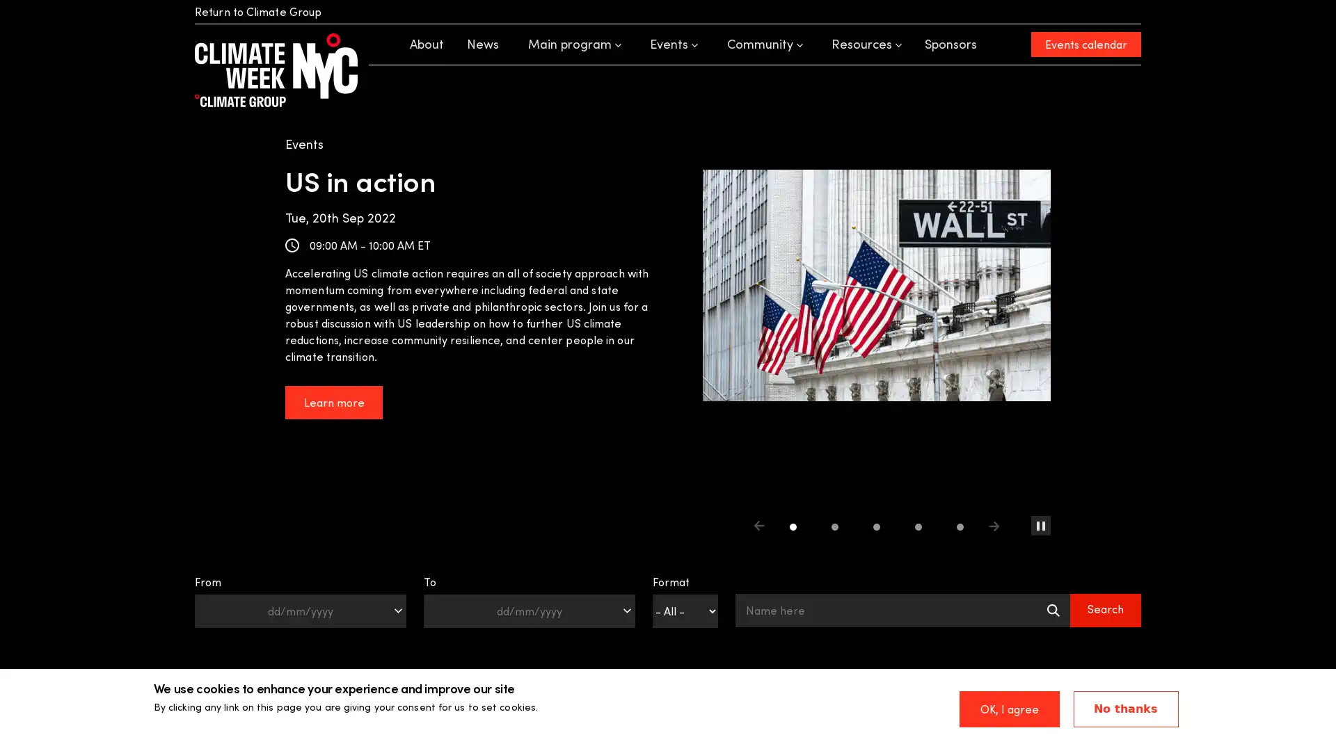 Image resolution: width=1336 pixels, height=751 pixels. What do you see at coordinates (1009, 709) in the screenshot?
I see `OK, I agree` at bounding box center [1009, 709].